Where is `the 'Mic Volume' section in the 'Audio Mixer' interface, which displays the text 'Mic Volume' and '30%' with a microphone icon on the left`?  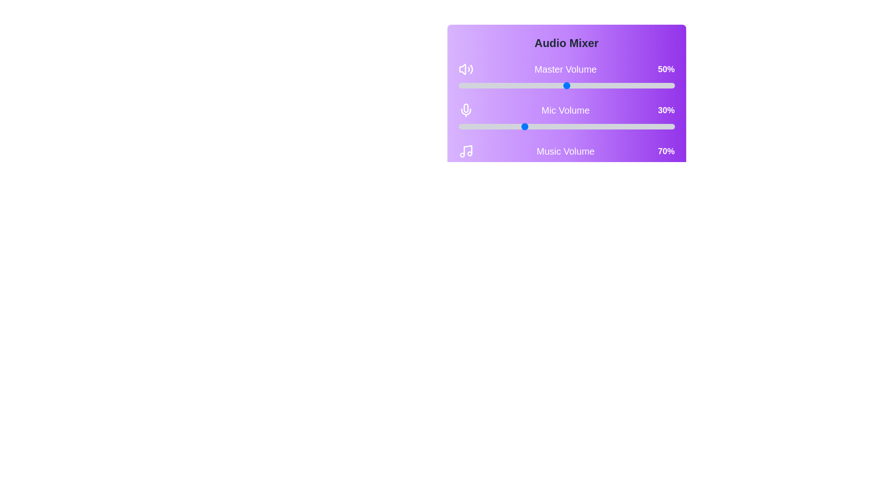 the 'Mic Volume' section in the 'Audio Mixer' interface, which displays the text 'Mic Volume' and '30%' with a microphone icon on the left is located at coordinates (566, 109).